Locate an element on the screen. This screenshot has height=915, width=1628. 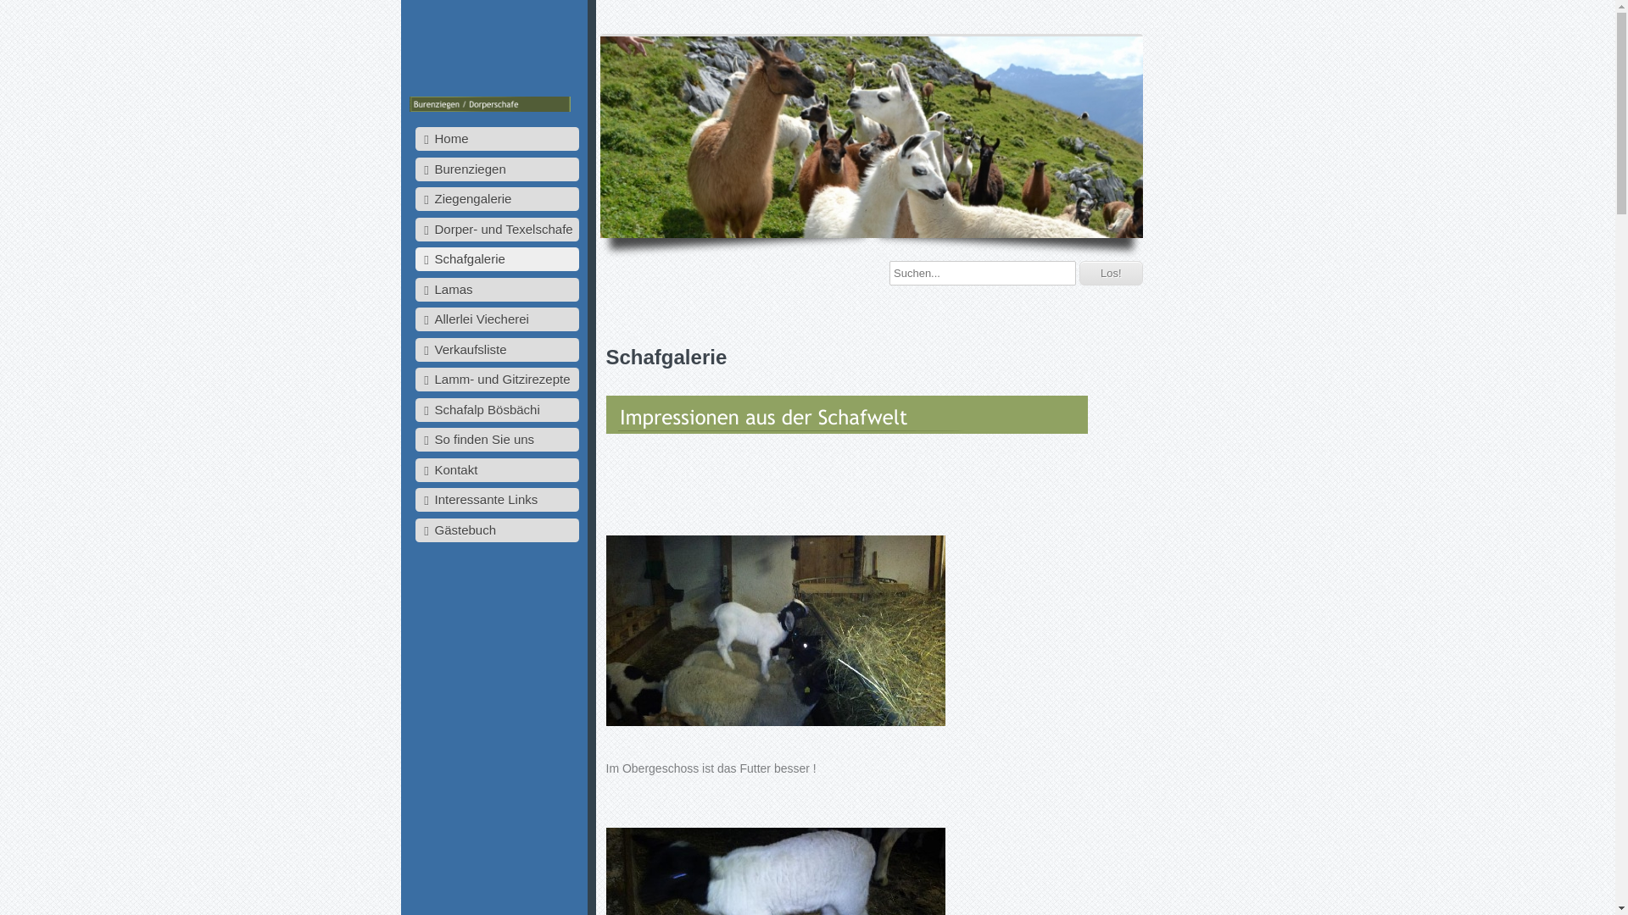
'Lamm- und Gitzirezepte' is located at coordinates (496, 378).